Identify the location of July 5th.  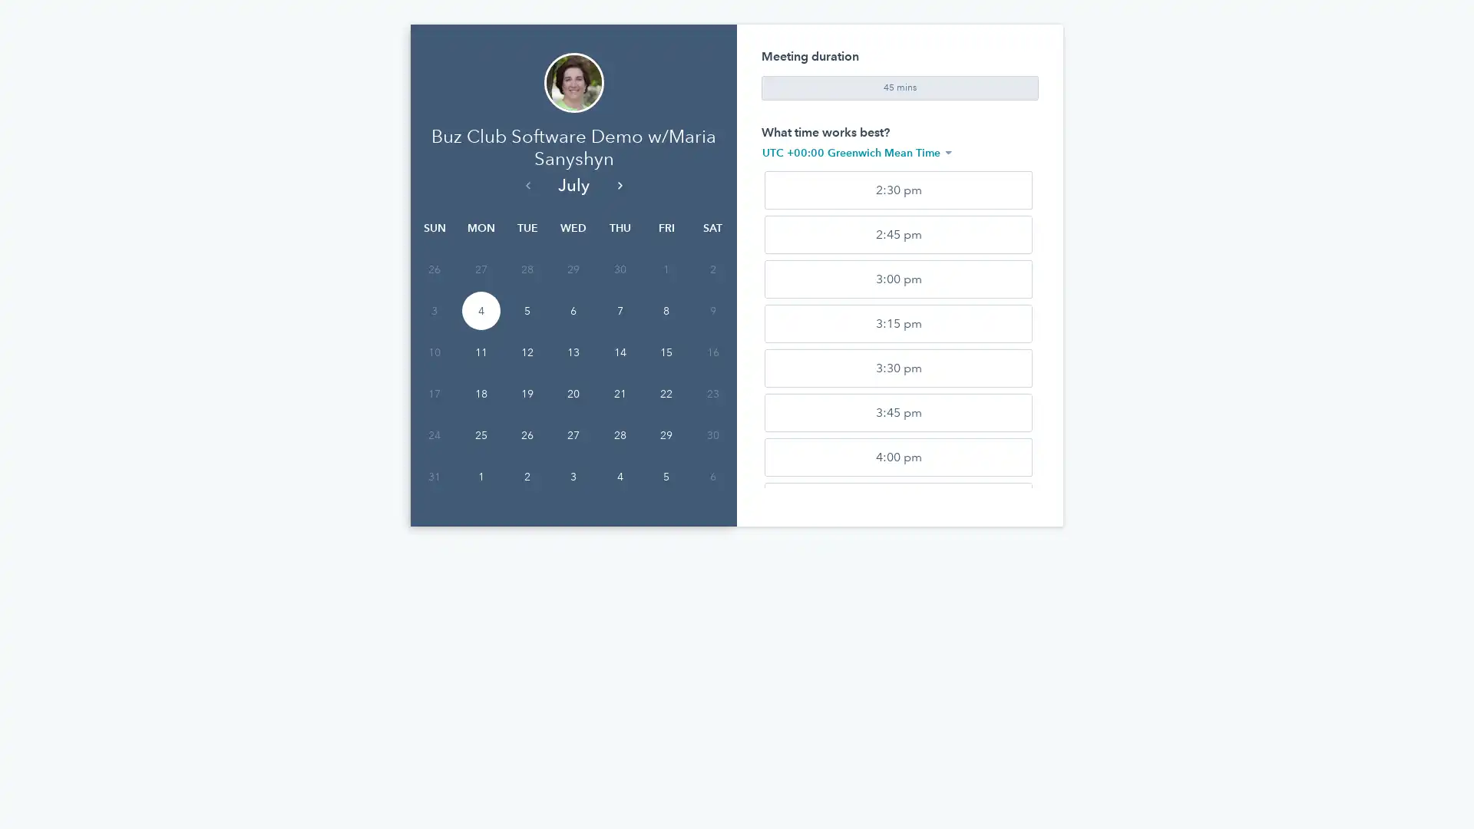
(527, 369).